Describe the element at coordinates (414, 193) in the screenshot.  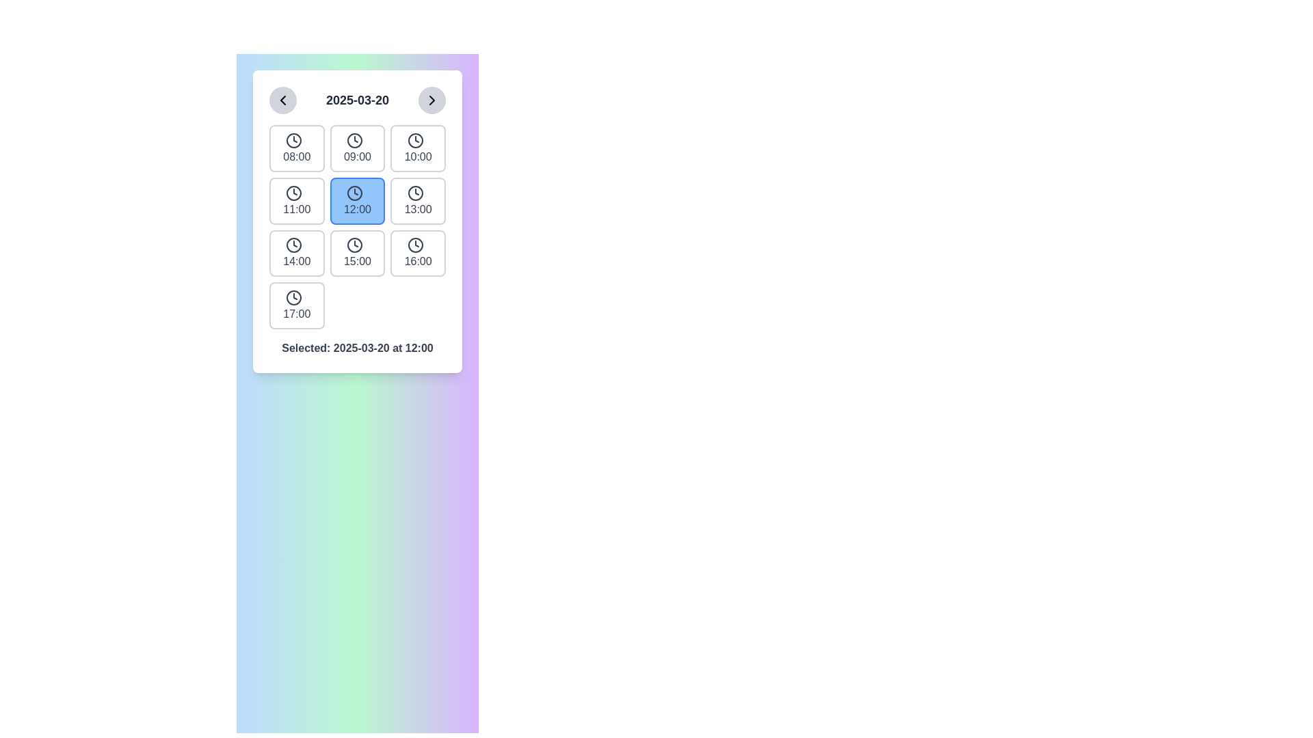
I see `the clock icon representing the time slot for '13:00' in the time slot selector interface` at that location.